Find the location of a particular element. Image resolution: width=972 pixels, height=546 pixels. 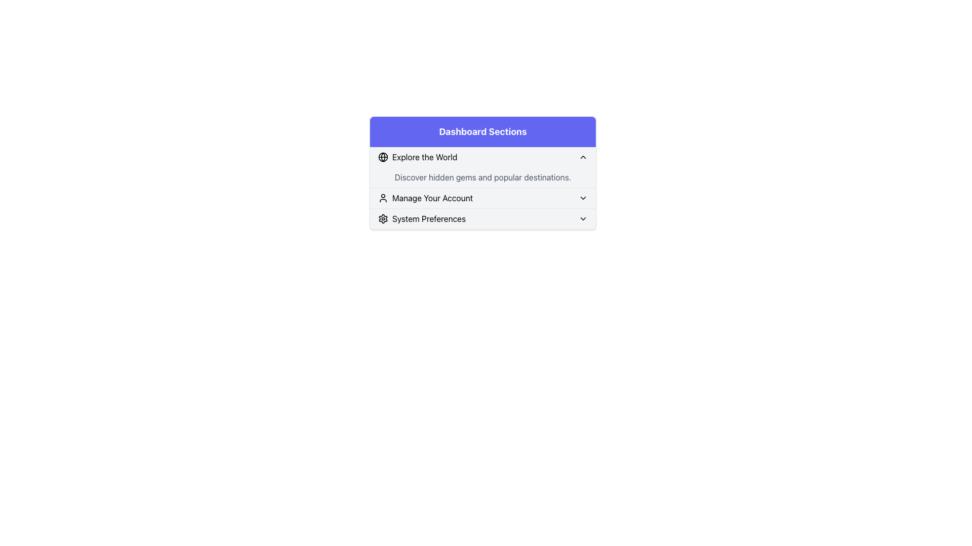

the 'Manage Your Account' button, which is the second entry in the vertical list of the 'Dashboard Sections' card is located at coordinates (482, 198).